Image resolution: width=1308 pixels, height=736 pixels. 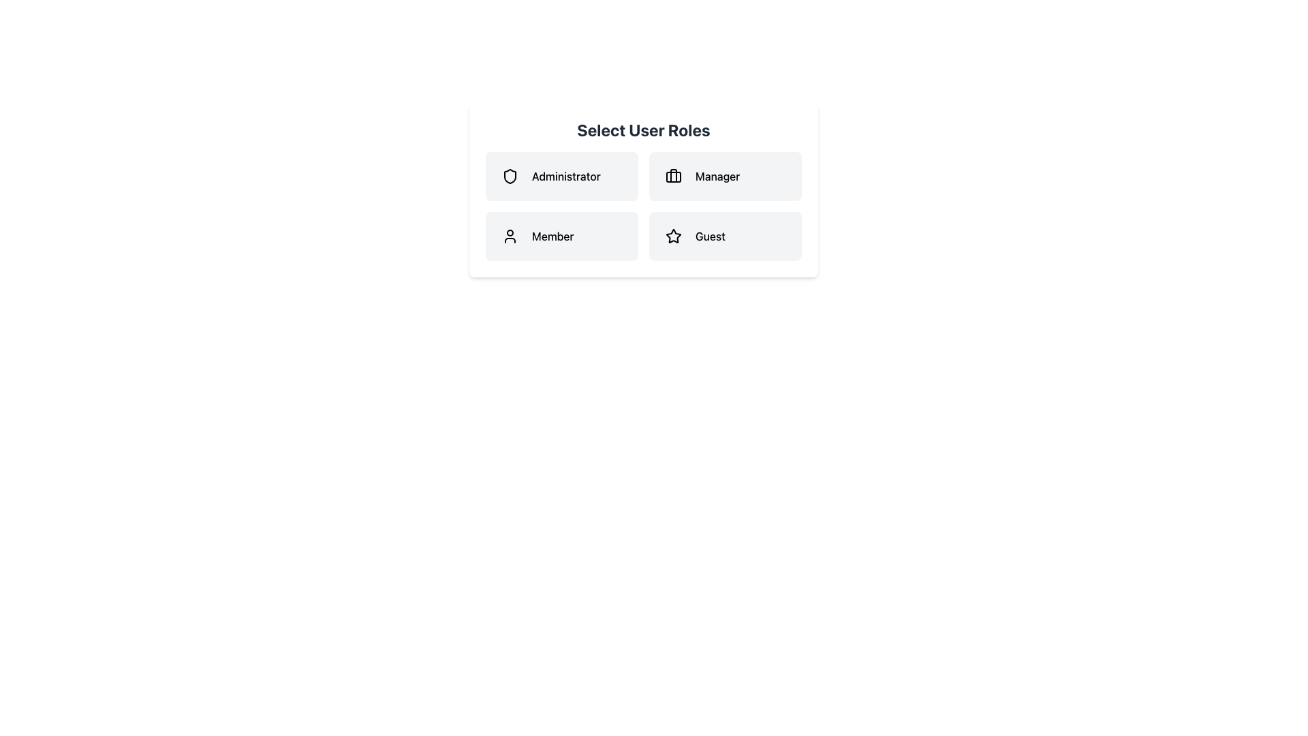 I want to click on the interactive card, so click(x=562, y=175).